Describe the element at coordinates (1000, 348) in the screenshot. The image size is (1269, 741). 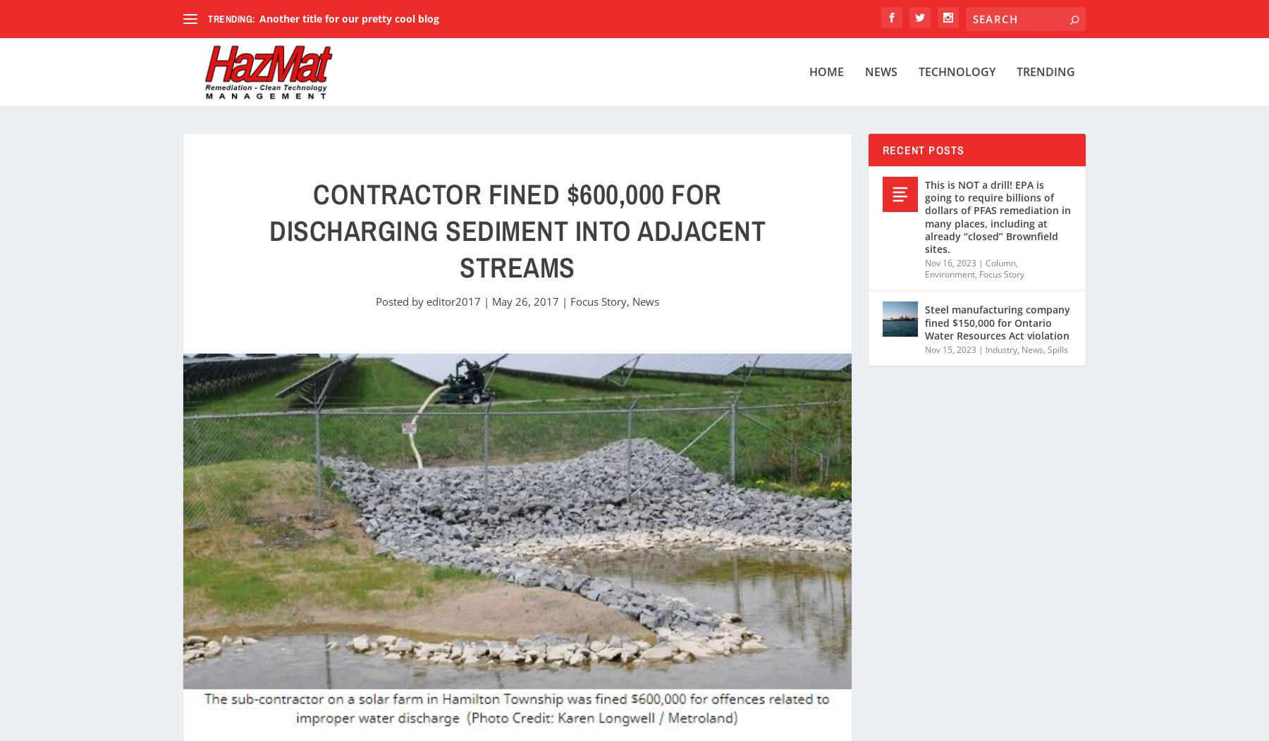
I see `'Industry'` at that location.